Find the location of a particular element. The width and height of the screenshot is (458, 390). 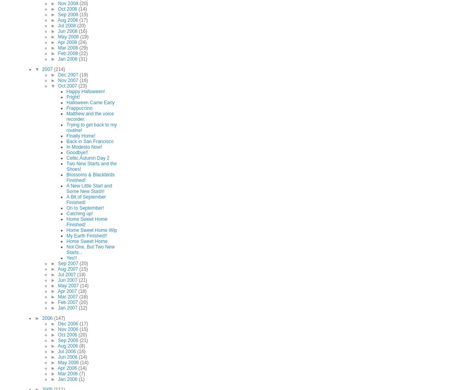

'(31)' is located at coordinates (83, 59).